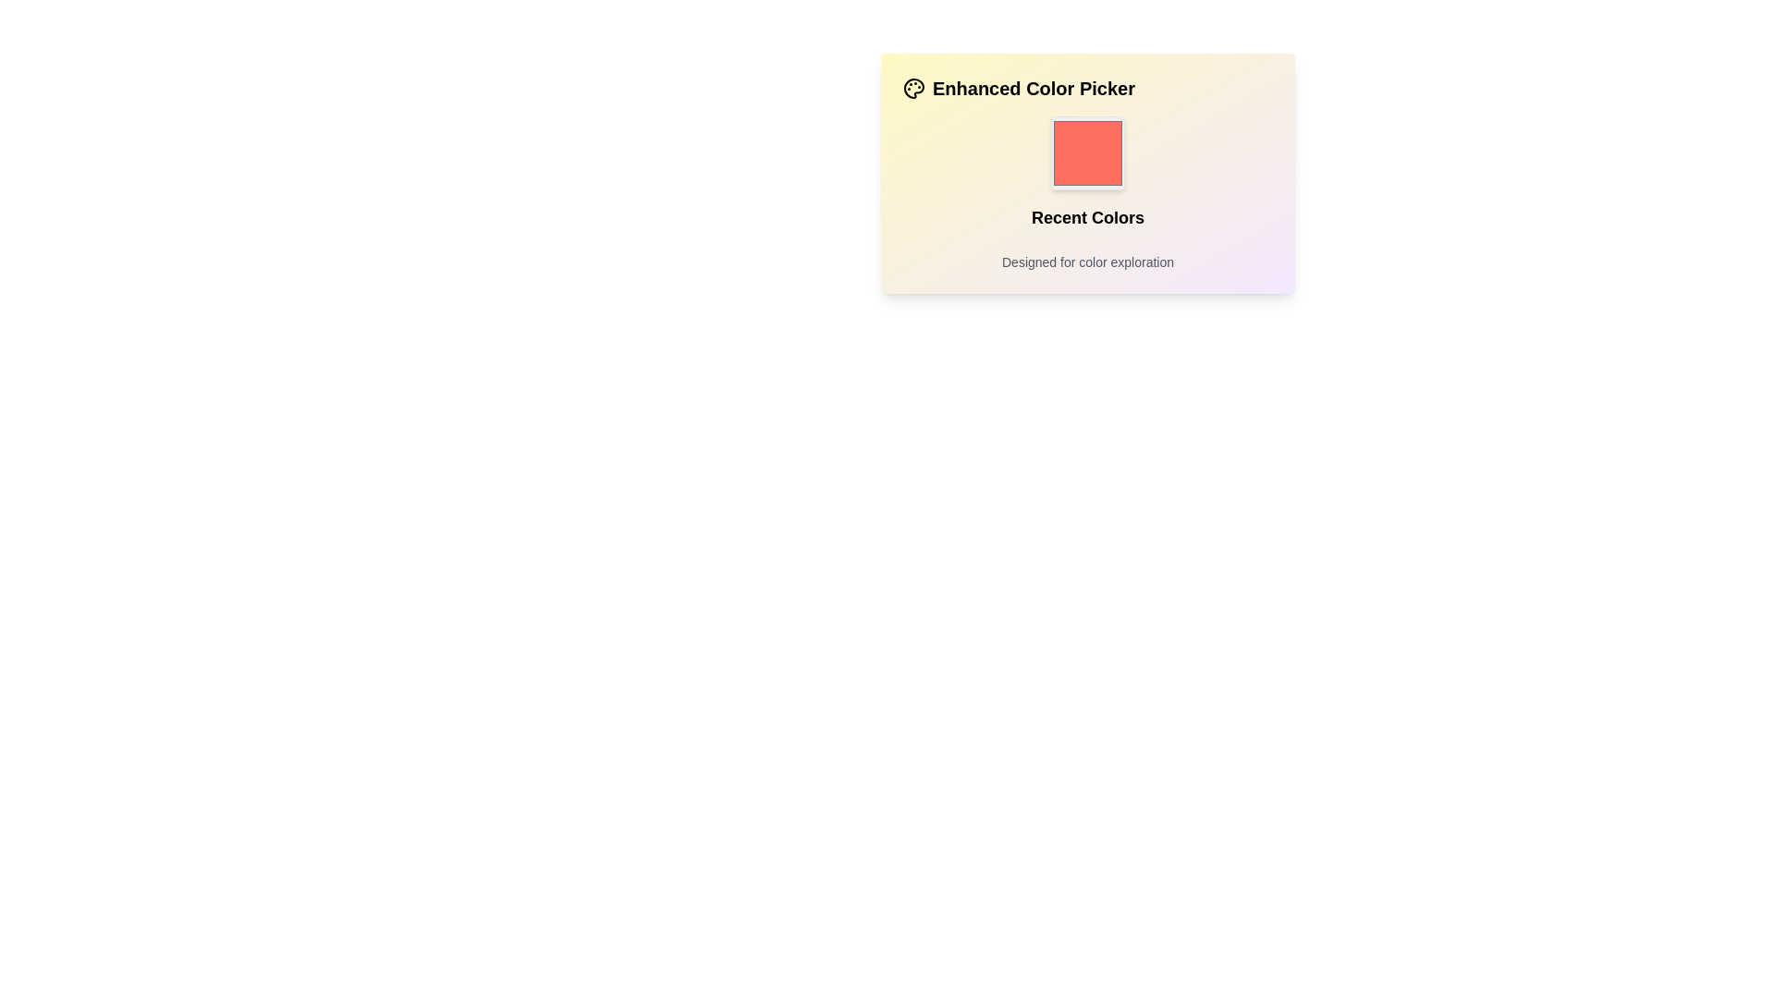 Image resolution: width=1775 pixels, height=998 pixels. Describe the element at coordinates (1087, 216) in the screenshot. I see `Text Label that serves as a header for the section displaying recently used colors, located at the center of the section beneath a colorful square swatch` at that location.